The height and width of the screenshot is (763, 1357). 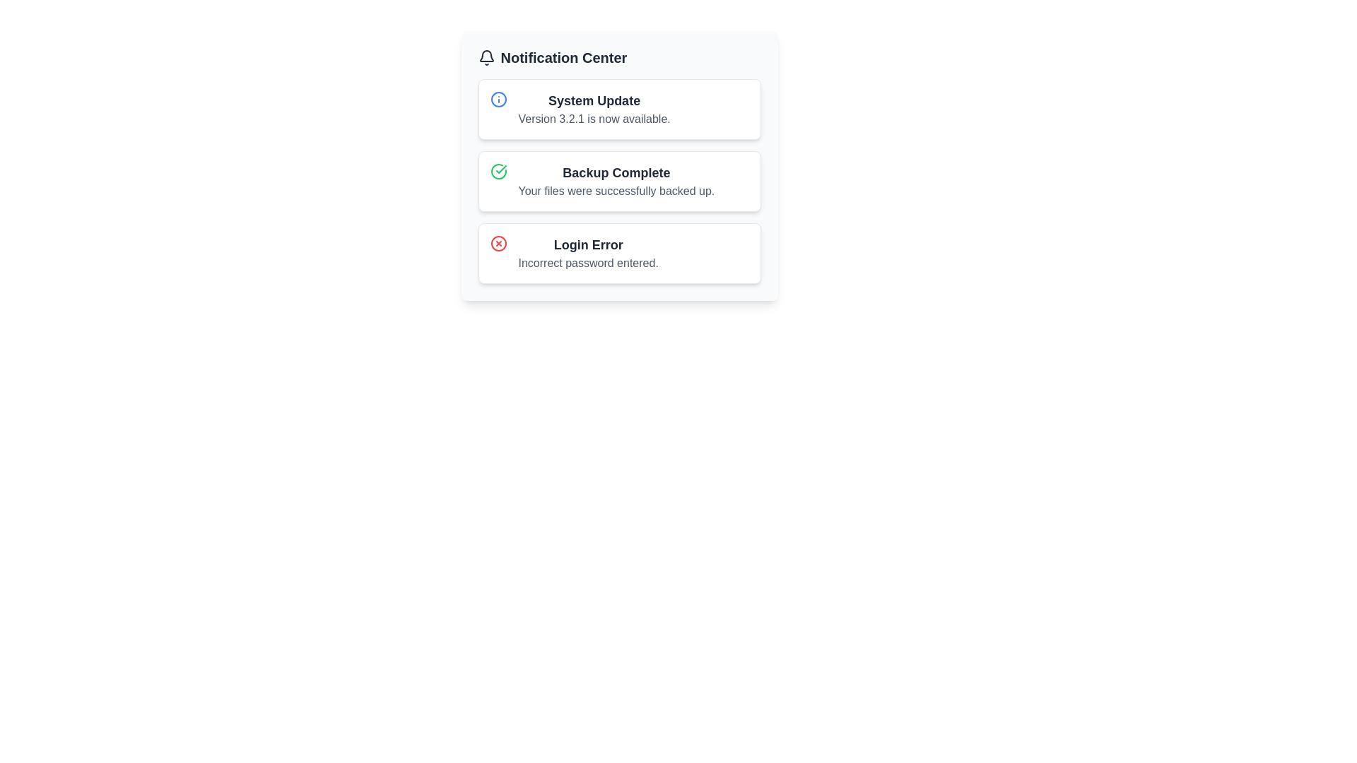 What do you see at coordinates (498, 171) in the screenshot?
I see `the green checkmark icon in the 'Backup Complete' notification panel, which is positioned to the left of the notification text` at bounding box center [498, 171].